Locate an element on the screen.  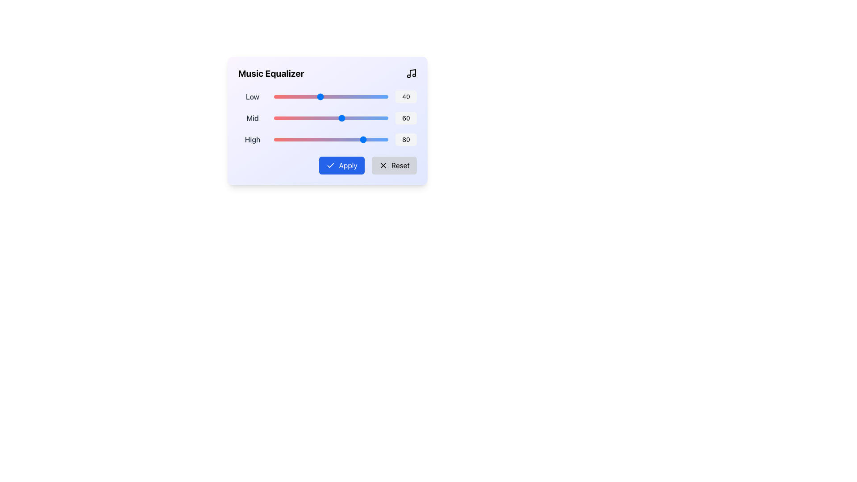
the small rectangular Text Display containing the number '60' in bold black text, located in the Mid slider row of the music equalizer interface is located at coordinates (406, 118).